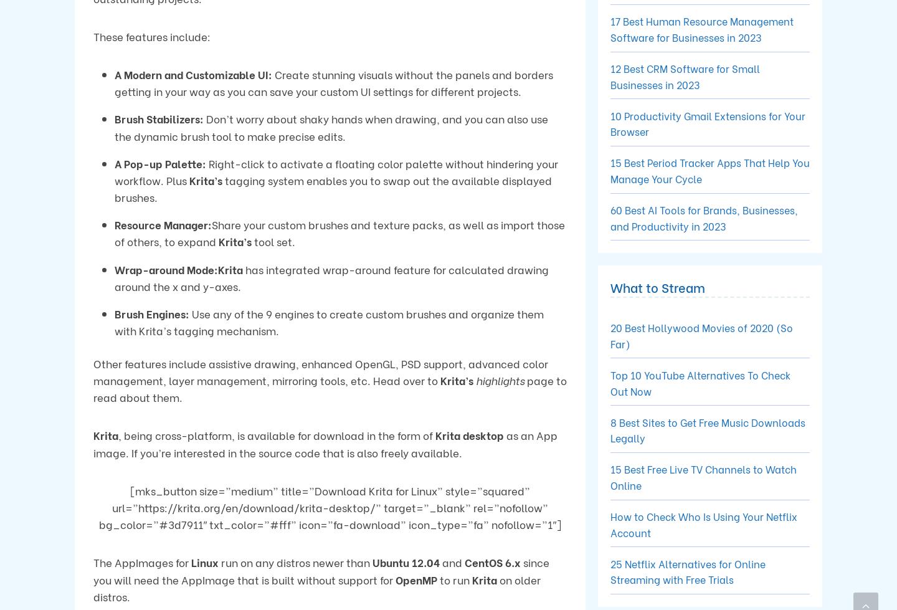 This screenshot has height=610, width=897. Describe the element at coordinates (687, 570) in the screenshot. I see `'25 Netflix Alternatives for Online Streaming with Free Trials'` at that location.